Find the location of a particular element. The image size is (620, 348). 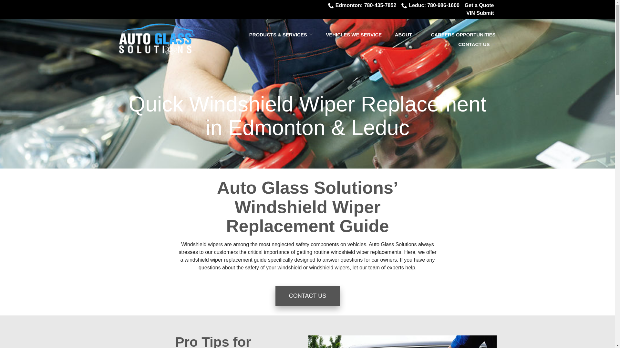

'ABOUT' is located at coordinates (406, 34).